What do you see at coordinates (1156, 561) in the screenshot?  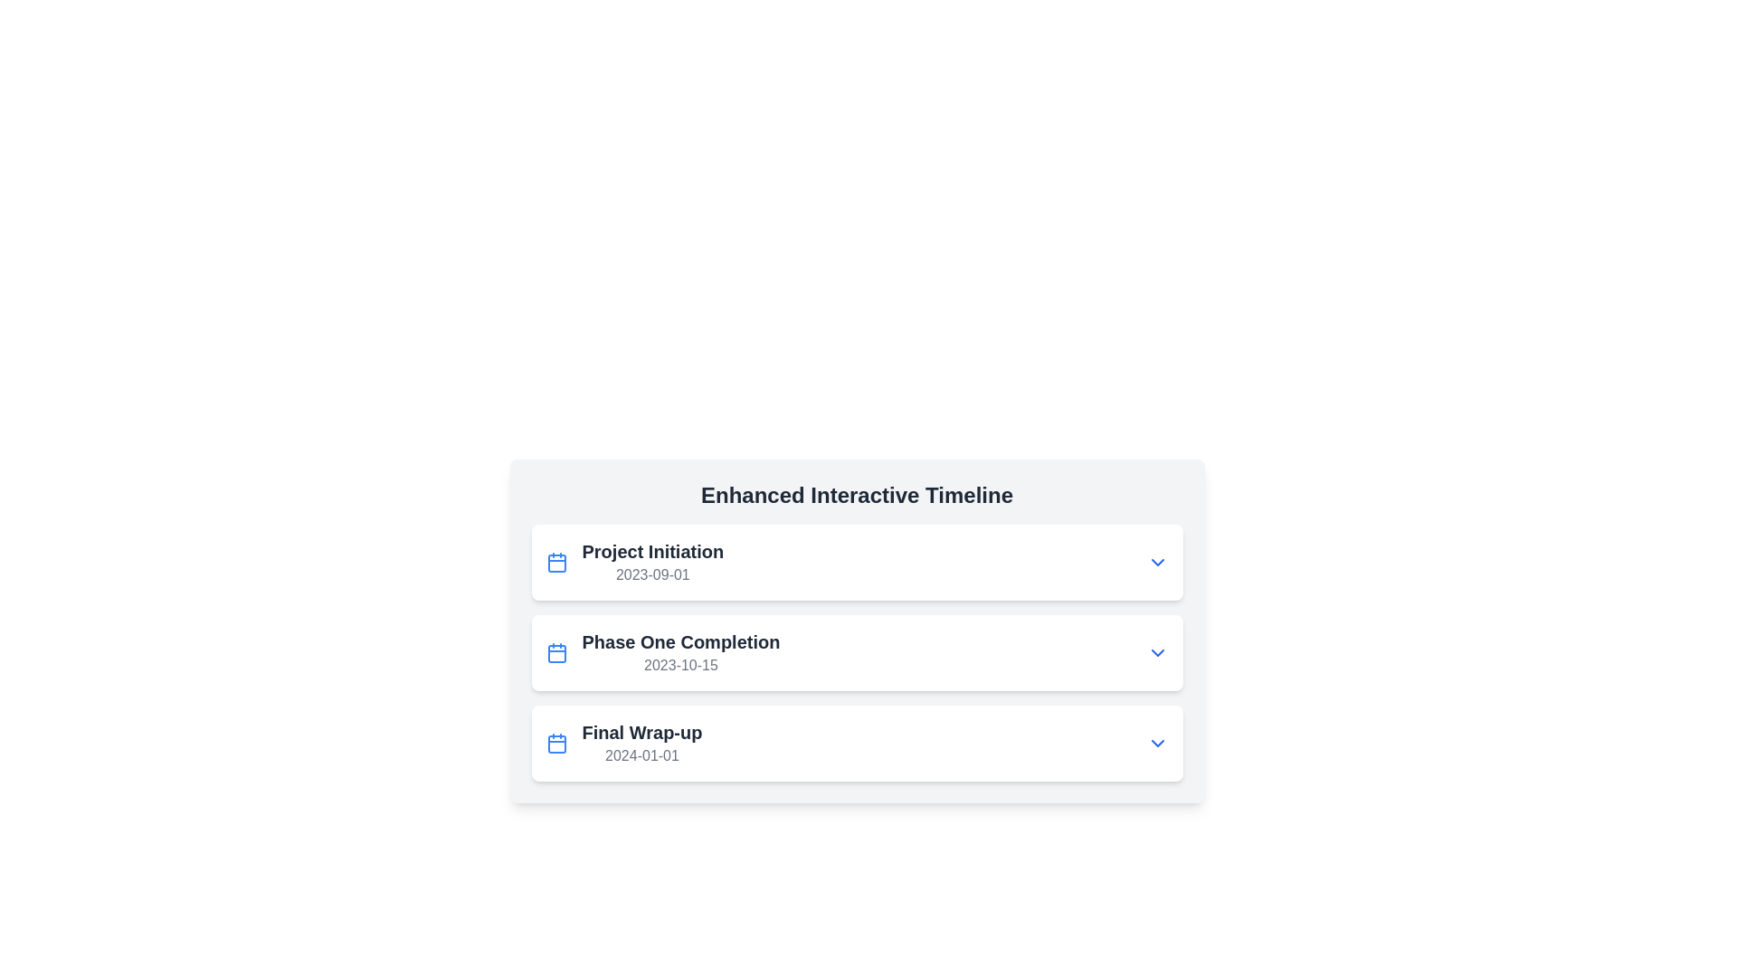 I see `the downward pointing chevron icon styled in blue, which indicates drop-down functionality, located to the right of the 'Project Initiation' entry` at bounding box center [1156, 561].